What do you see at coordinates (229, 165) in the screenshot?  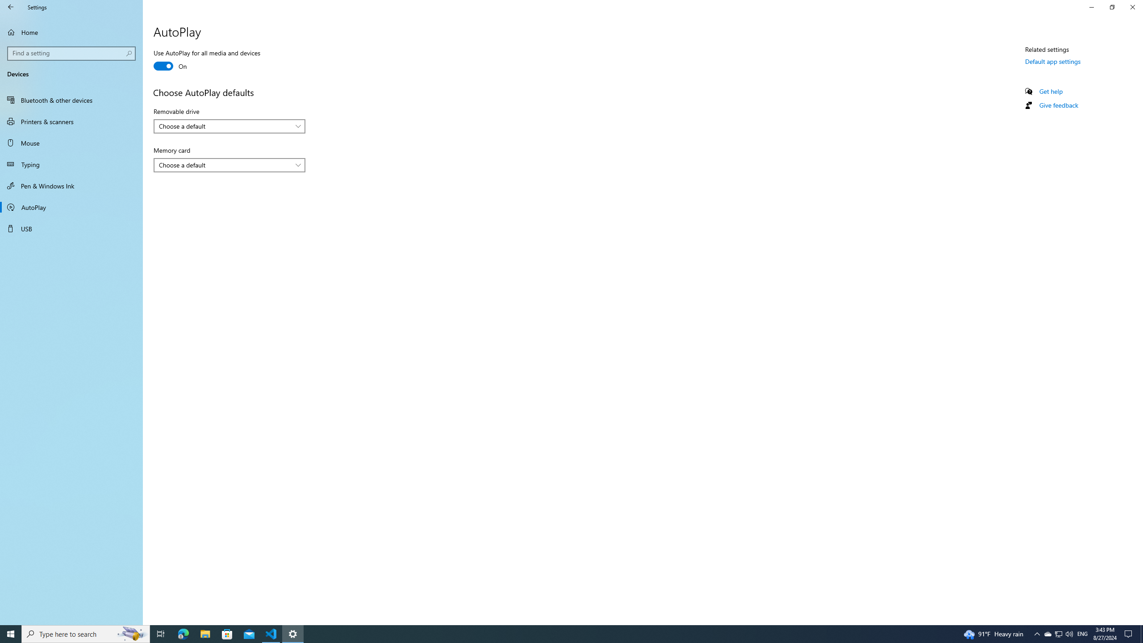 I see `'Memory card'` at bounding box center [229, 165].